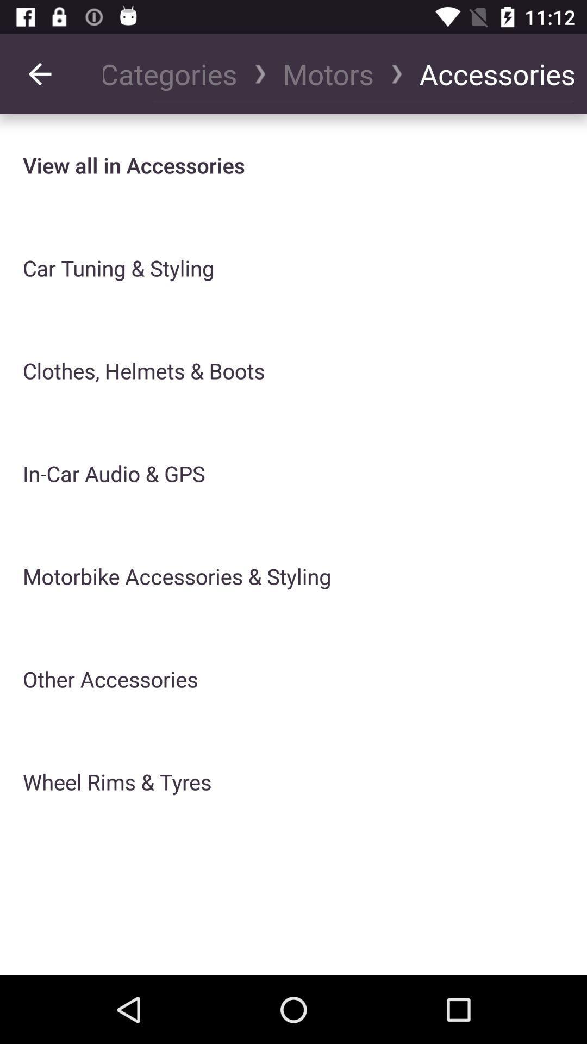  What do you see at coordinates (114, 474) in the screenshot?
I see `icon below the clothes, helmets & boots` at bounding box center [114, 474].